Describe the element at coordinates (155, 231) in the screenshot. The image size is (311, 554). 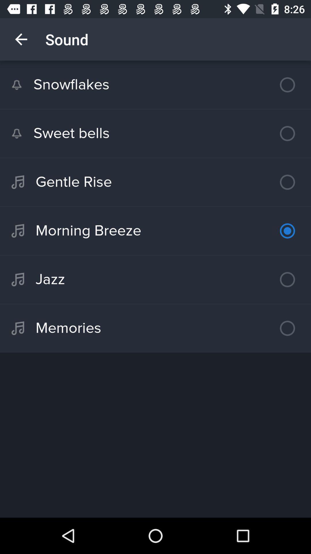
I see `the morning breeze` at that location.